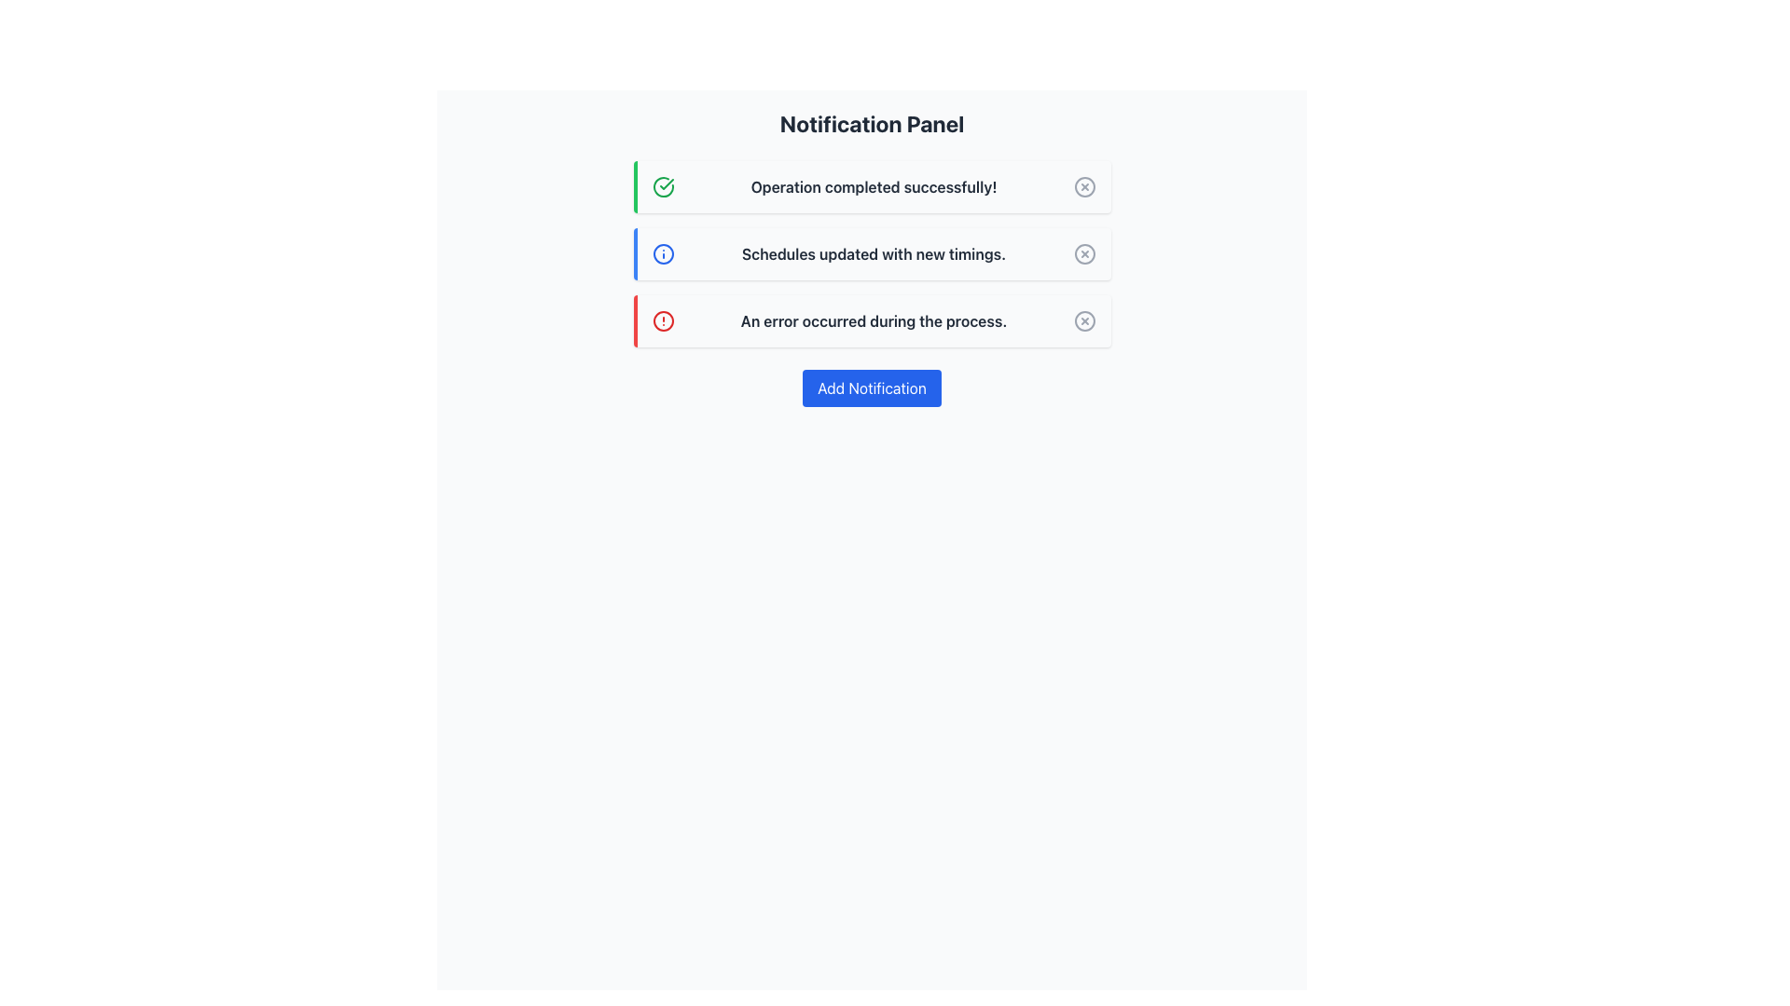  Describe the element at coordinates (663, 186) in the screenshot. I see `the green circular icon with a checkmark indicating success, located to the left of the text 'Operation completed successfully!' in the first notification card` at that location.